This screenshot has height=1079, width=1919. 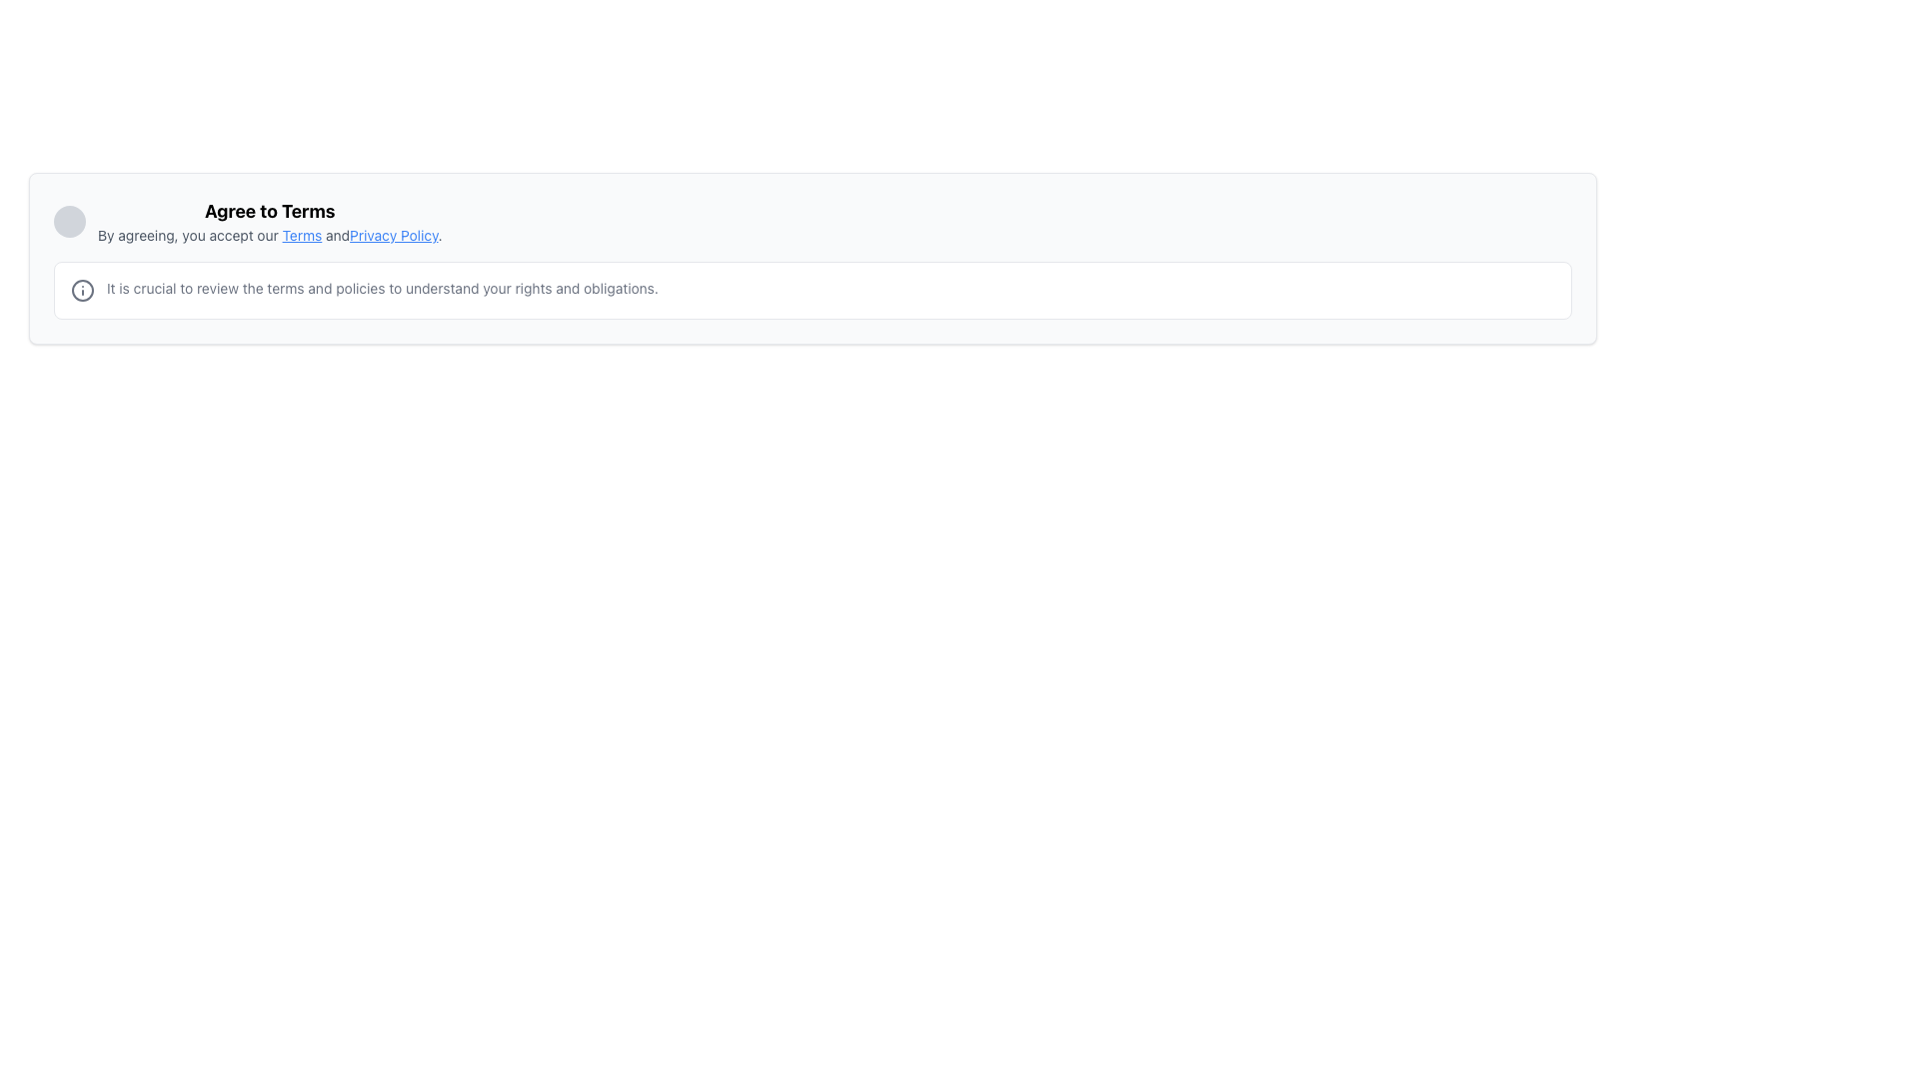 What do you see at coordinates (394, 234) in the screenshot?
I see `the 'Privacy Policy' hyperlink located in the text block under the heading 'Agree to Terms'` at bounding box center [394, 234].